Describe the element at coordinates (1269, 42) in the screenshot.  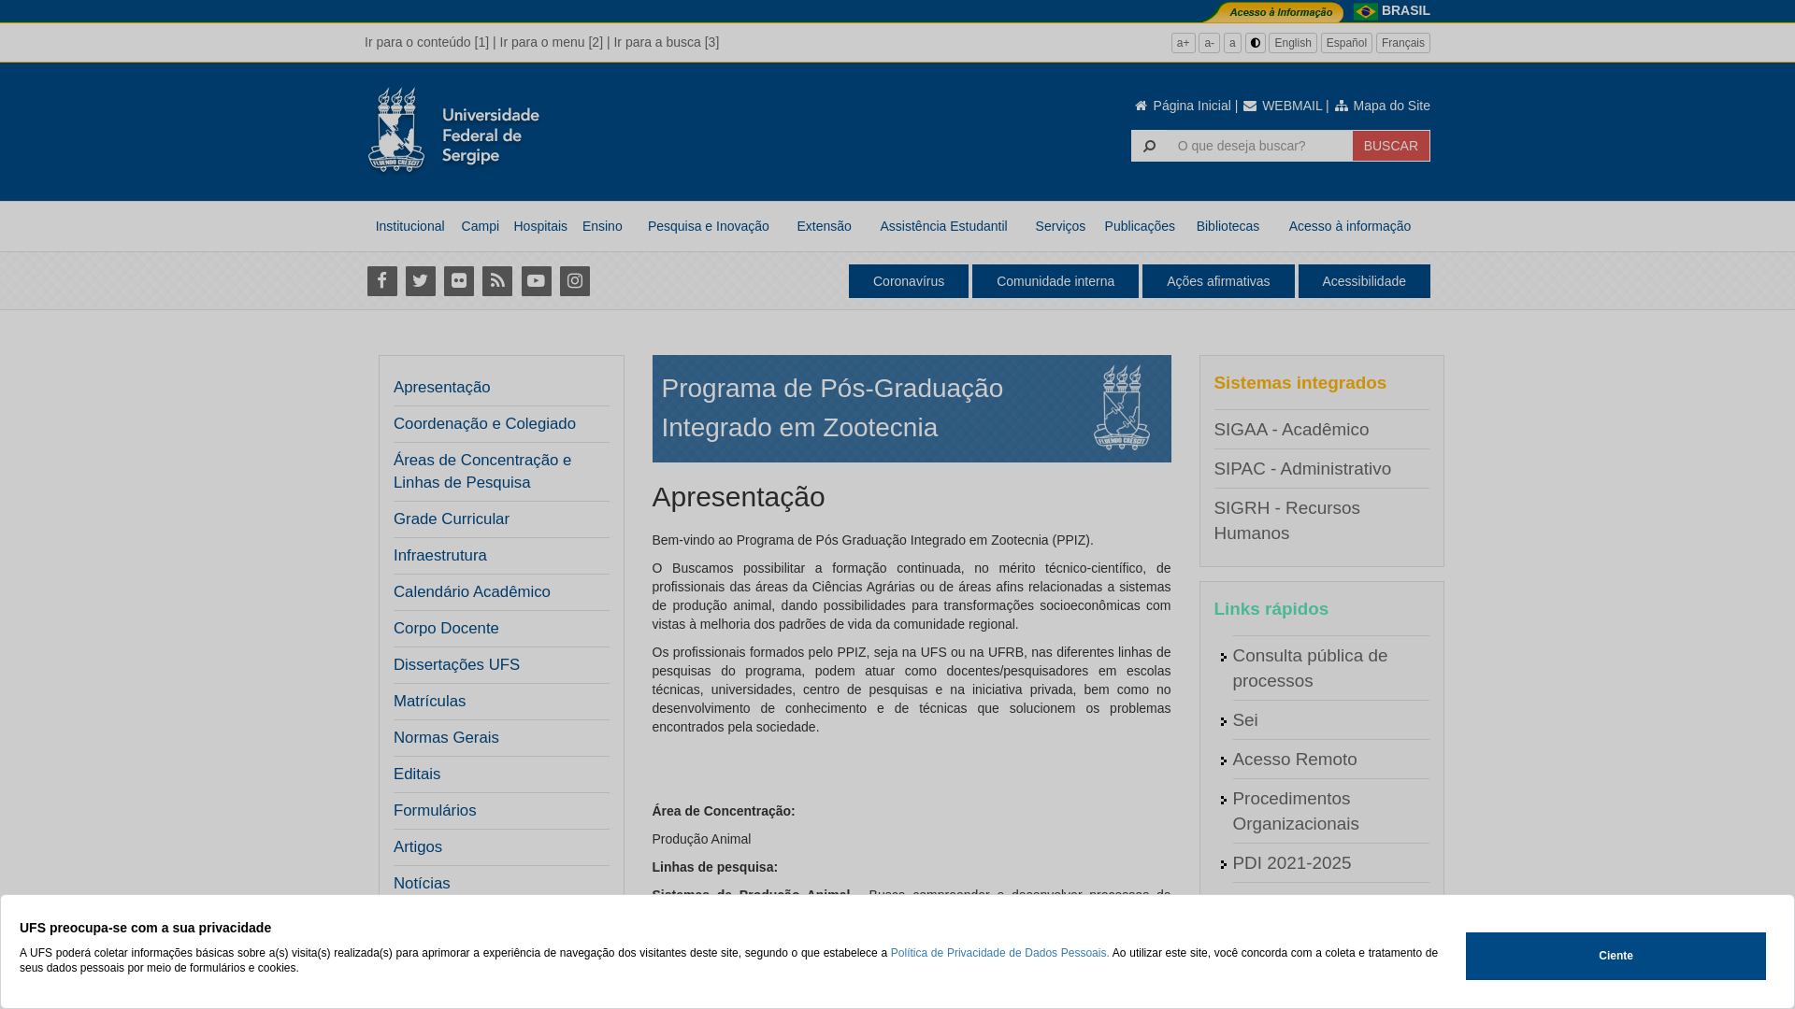
I see `'English'` at that location.